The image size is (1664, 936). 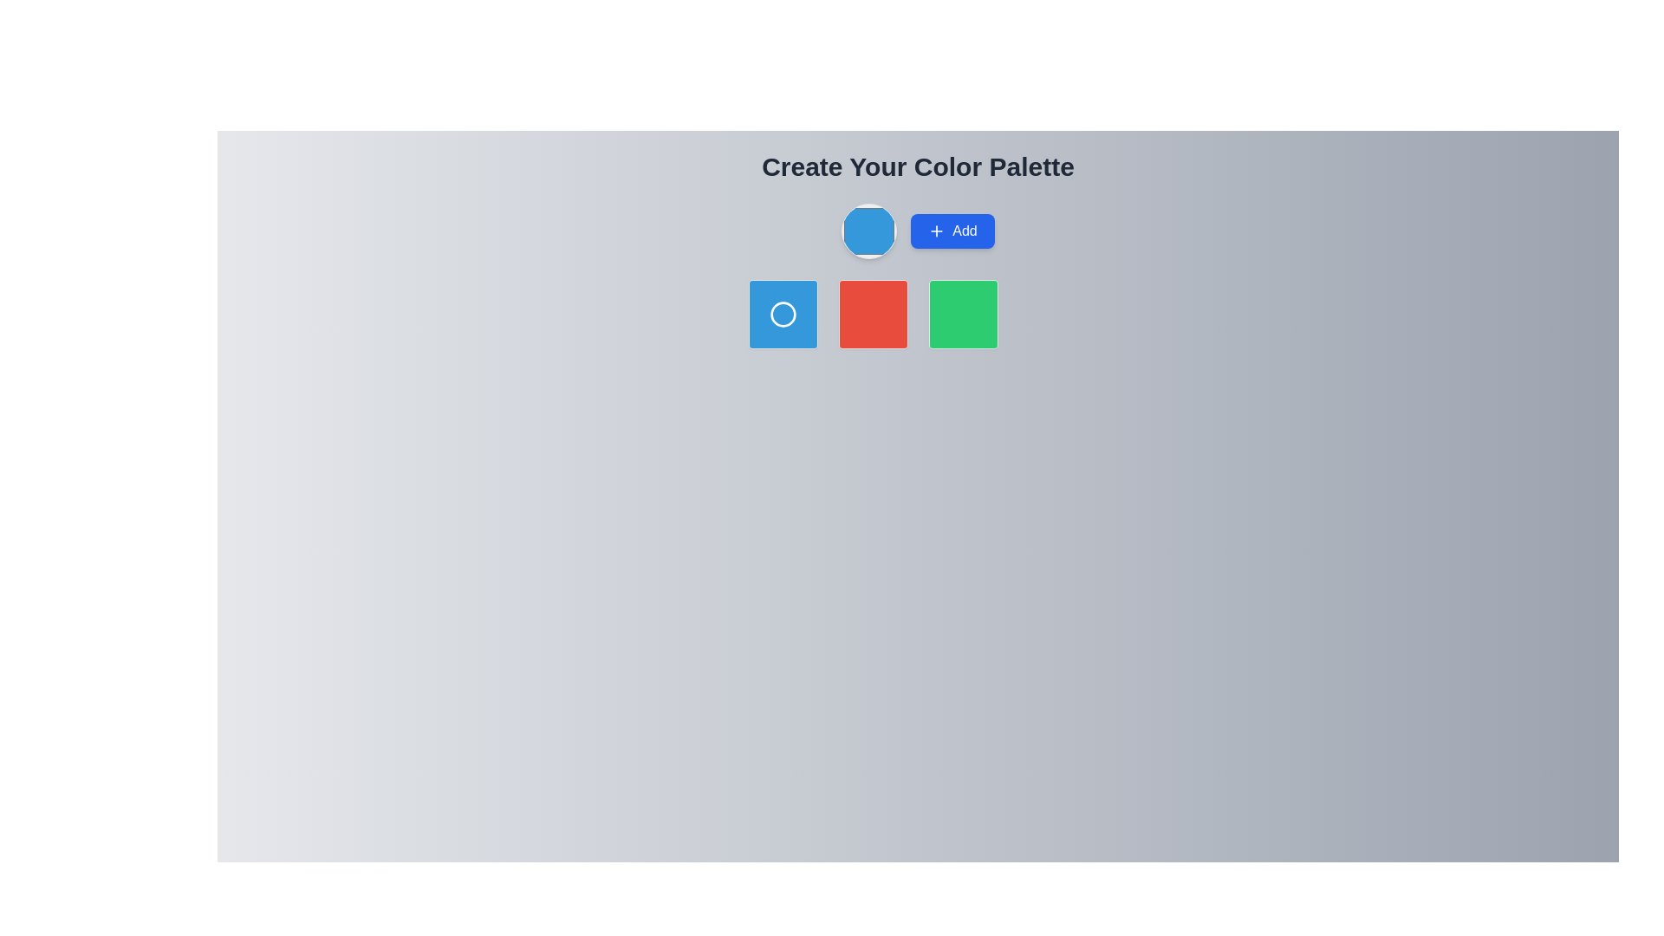 I want to click on to select the circular icon located within a blue square with rounded corners, positioned as the first square in the second row of a grid layout, so click(x=782, y=314).